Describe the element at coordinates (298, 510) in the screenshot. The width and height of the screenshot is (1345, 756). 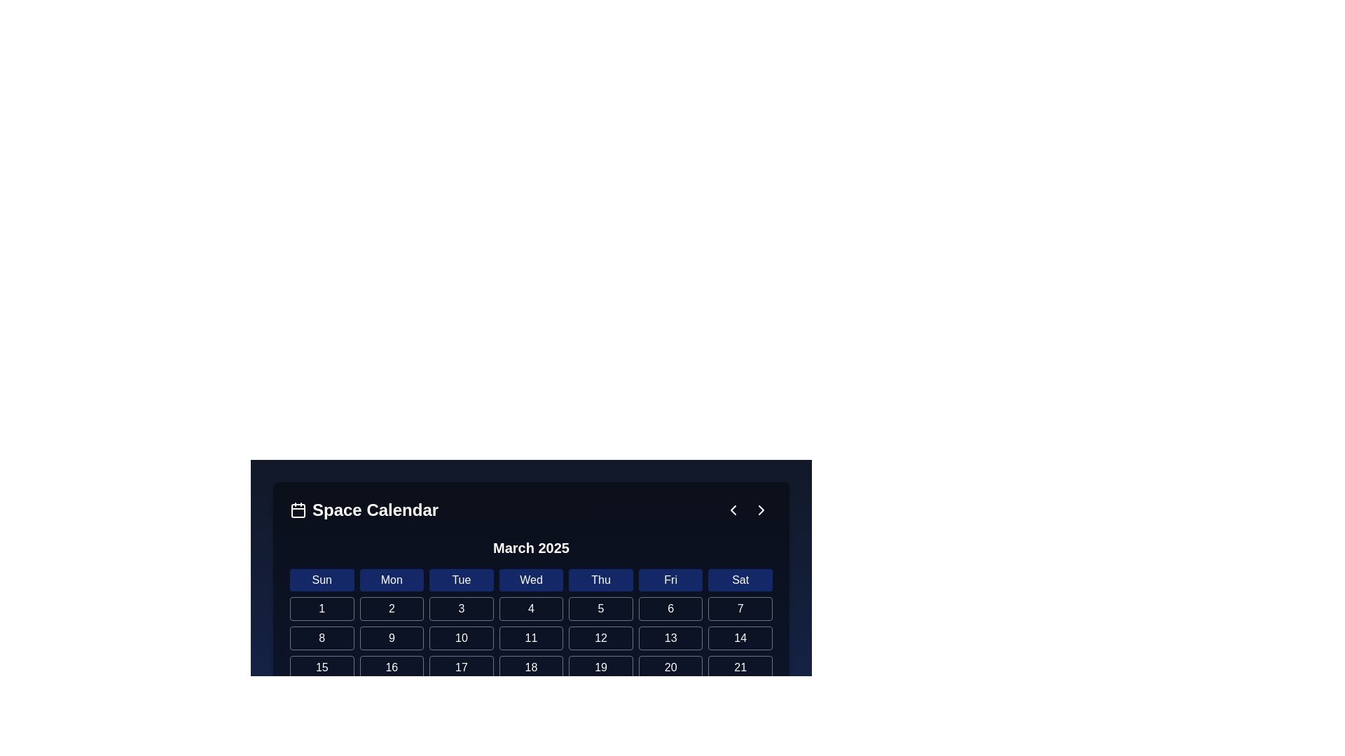
I see `the appearance of the calendar icon, which is a stylized icon with a rounded rectangle outline and two vertical lines at the top, located to the left of the text 'Space Calendar' in the header area` at that location.